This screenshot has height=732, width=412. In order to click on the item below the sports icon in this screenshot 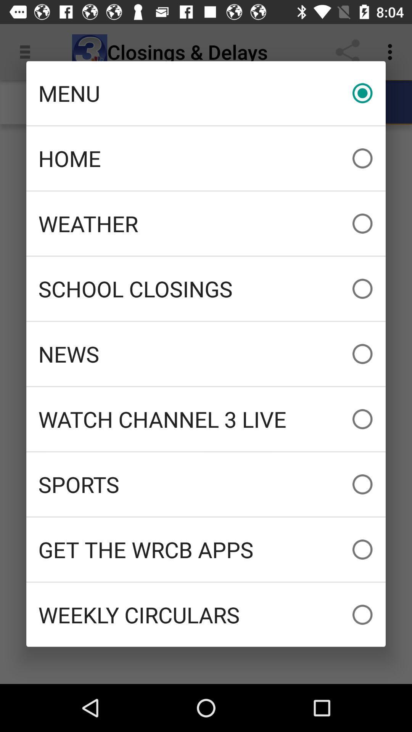, I will do `click(206, 549)`.